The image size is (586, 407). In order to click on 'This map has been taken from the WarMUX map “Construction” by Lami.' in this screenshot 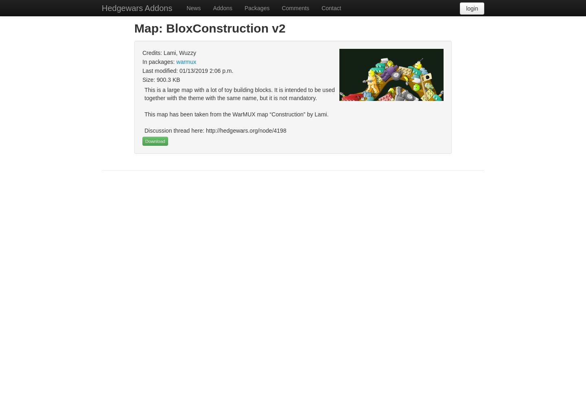, I will do `click(236, 114)`.